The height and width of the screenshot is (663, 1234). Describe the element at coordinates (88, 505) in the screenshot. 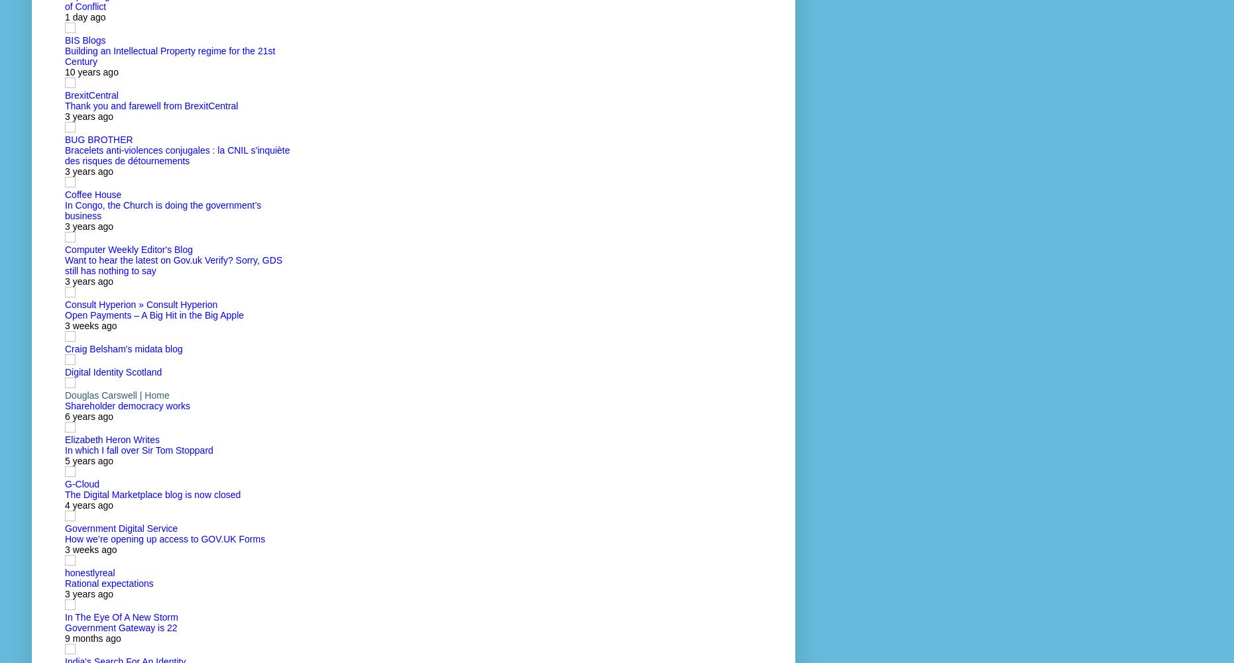

I see `'4 years ago'` at that location.